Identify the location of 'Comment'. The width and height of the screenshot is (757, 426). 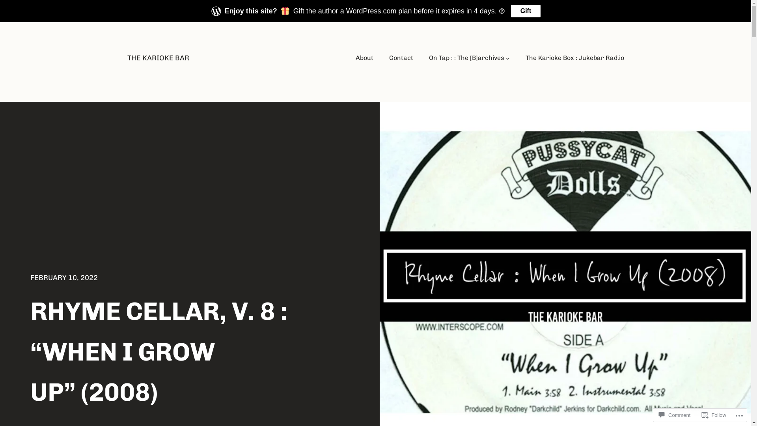
(674, 415).